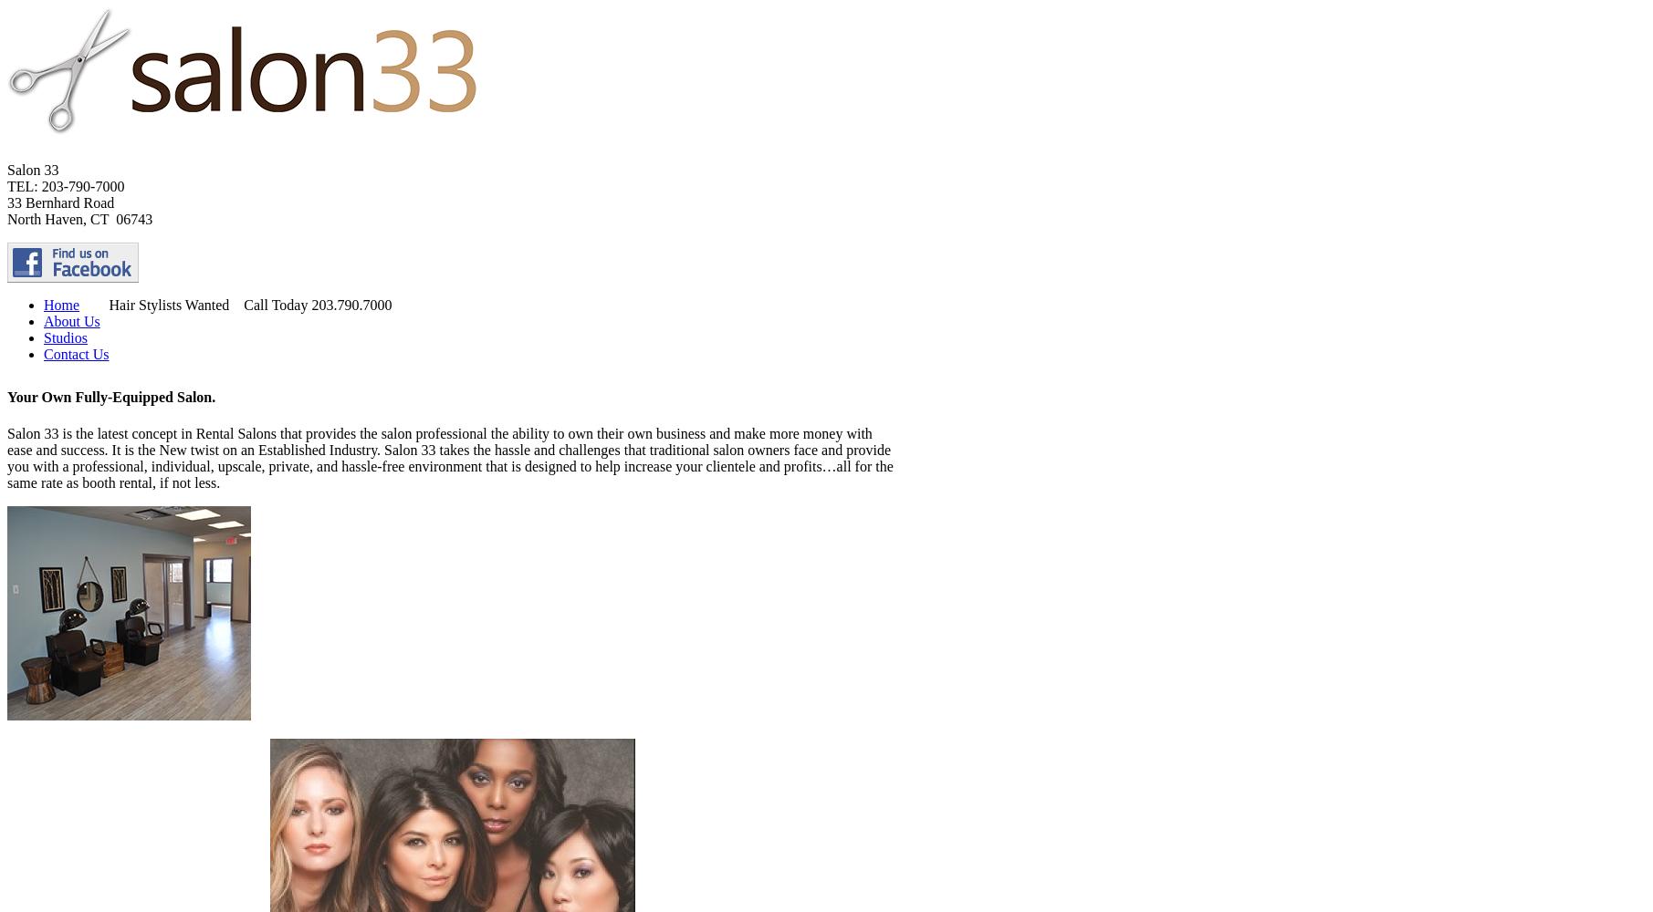 The height and width of the screenshot is (912, 1653). What do you see at coordinates (79, 218) in the screenshot?
I see `'North Haven, CT  06743'` at bounding box center [79, 218].